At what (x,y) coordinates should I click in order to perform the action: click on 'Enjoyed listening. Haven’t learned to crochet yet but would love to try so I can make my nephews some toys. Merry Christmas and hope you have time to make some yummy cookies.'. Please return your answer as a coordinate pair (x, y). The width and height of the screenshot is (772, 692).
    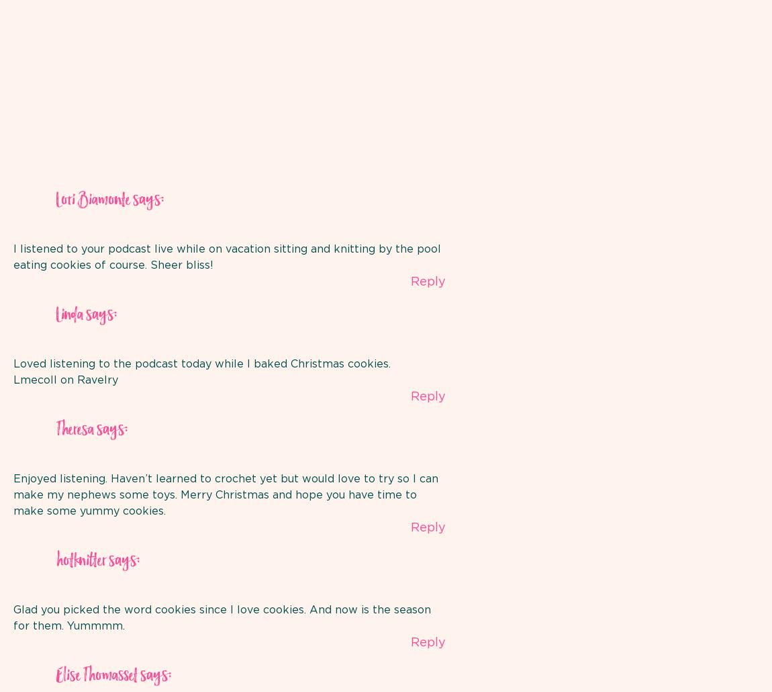
    Looking at the image, I should click on (226, 494).